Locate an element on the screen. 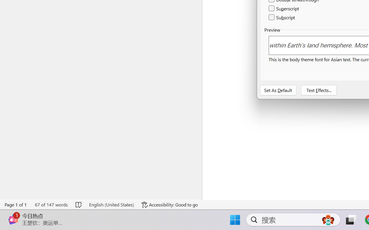 The image size is (369, 230). 'Text Effects...' is located at coordinates (318, 90).